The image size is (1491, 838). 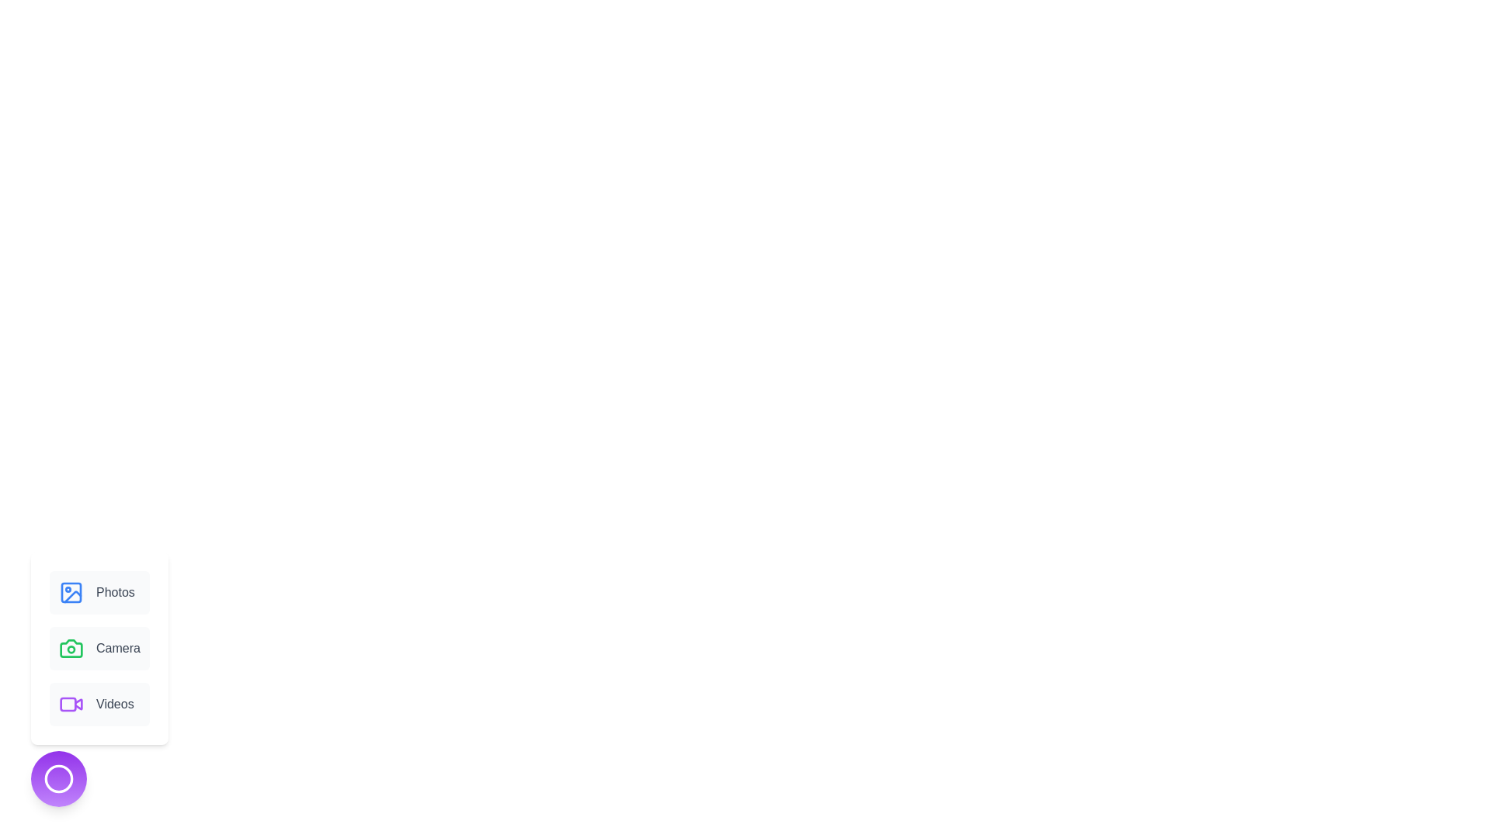 What do you see at coordinates (99, 649) in the screenshot?
I see `the Camera option from the available options` at bounding box center [99, 649].